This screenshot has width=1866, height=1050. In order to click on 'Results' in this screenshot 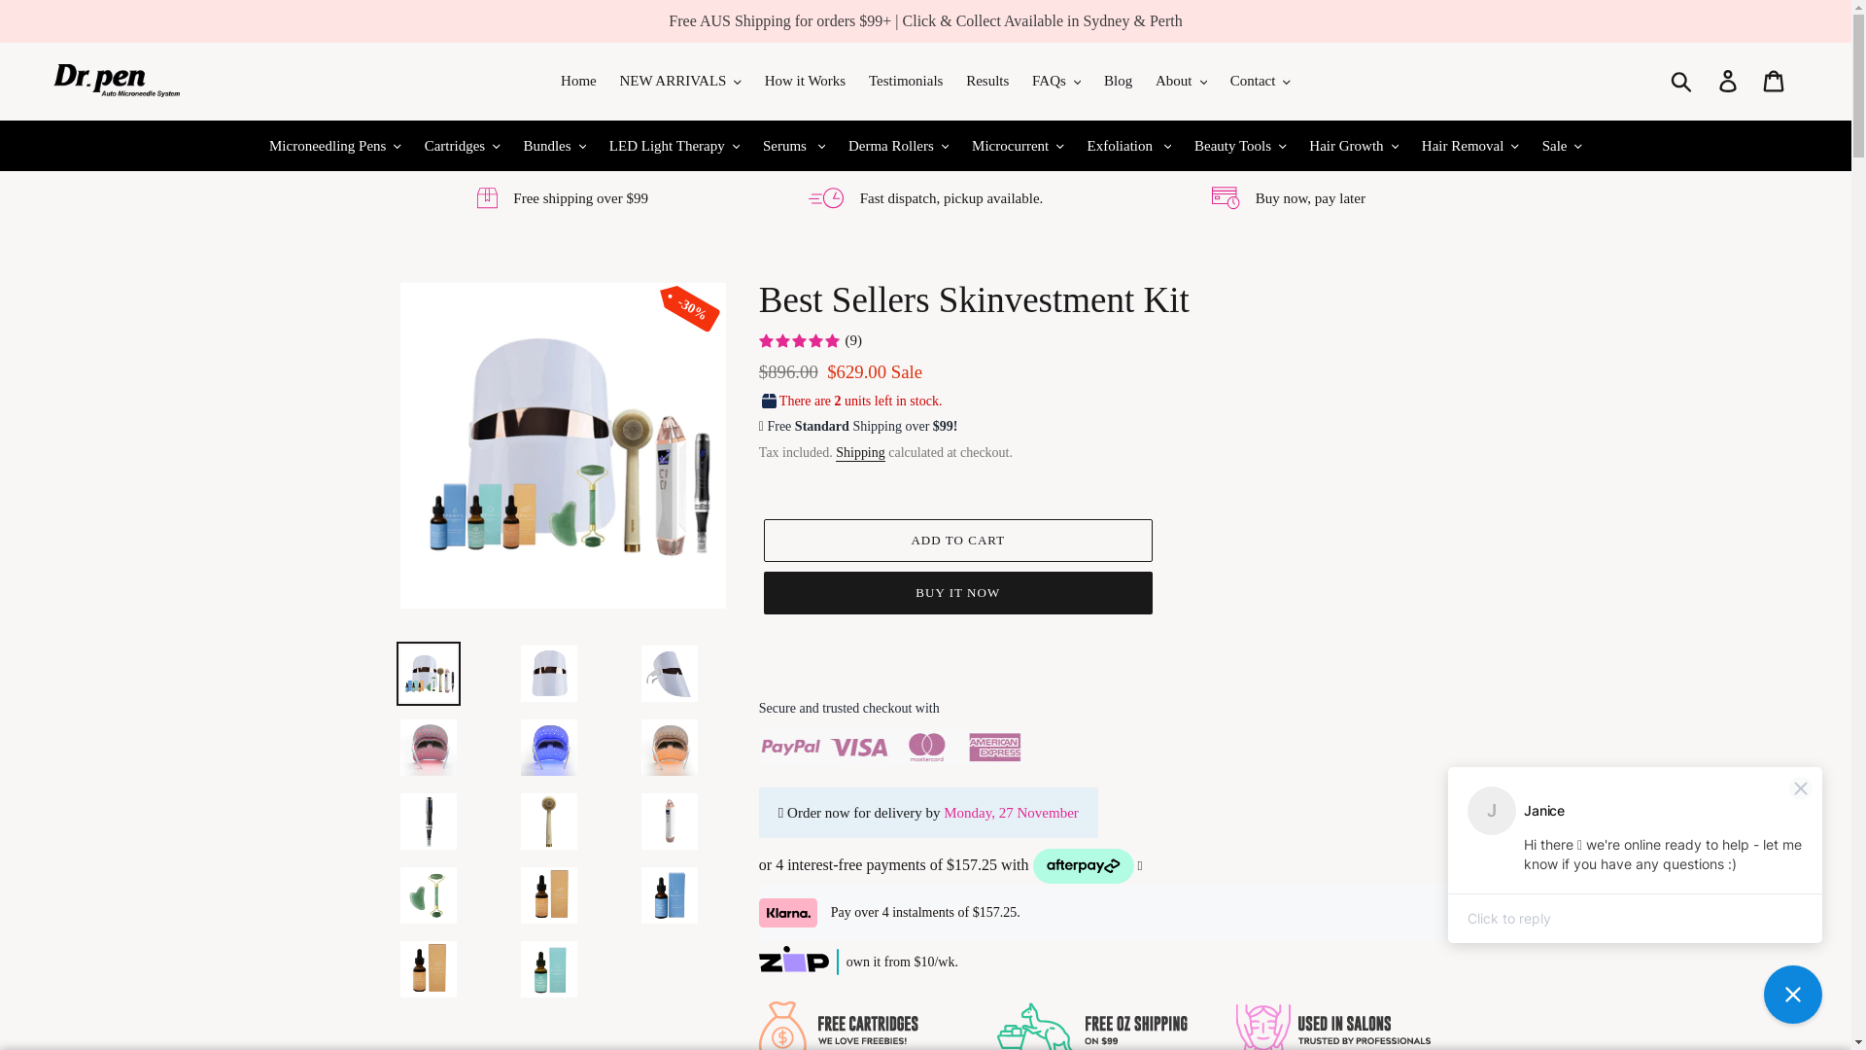, I will do `click(987, 80)`.